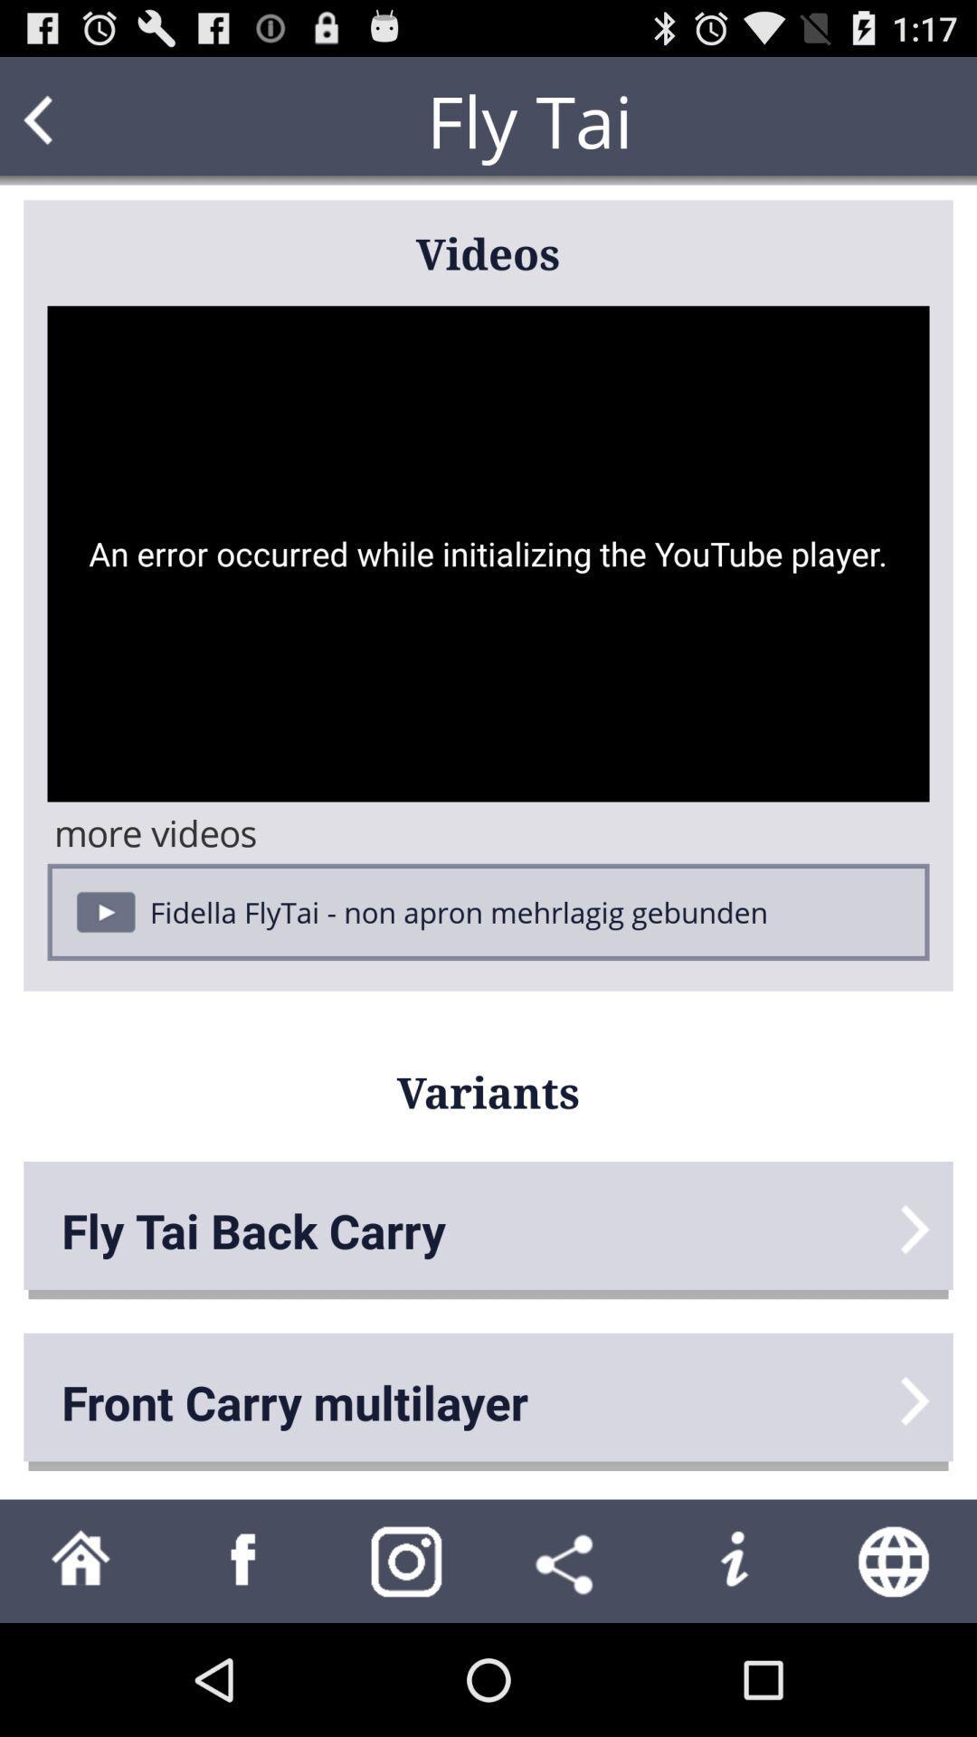 The image size is (977, 1737). I want to click on sharing options, so click(568, 1560).